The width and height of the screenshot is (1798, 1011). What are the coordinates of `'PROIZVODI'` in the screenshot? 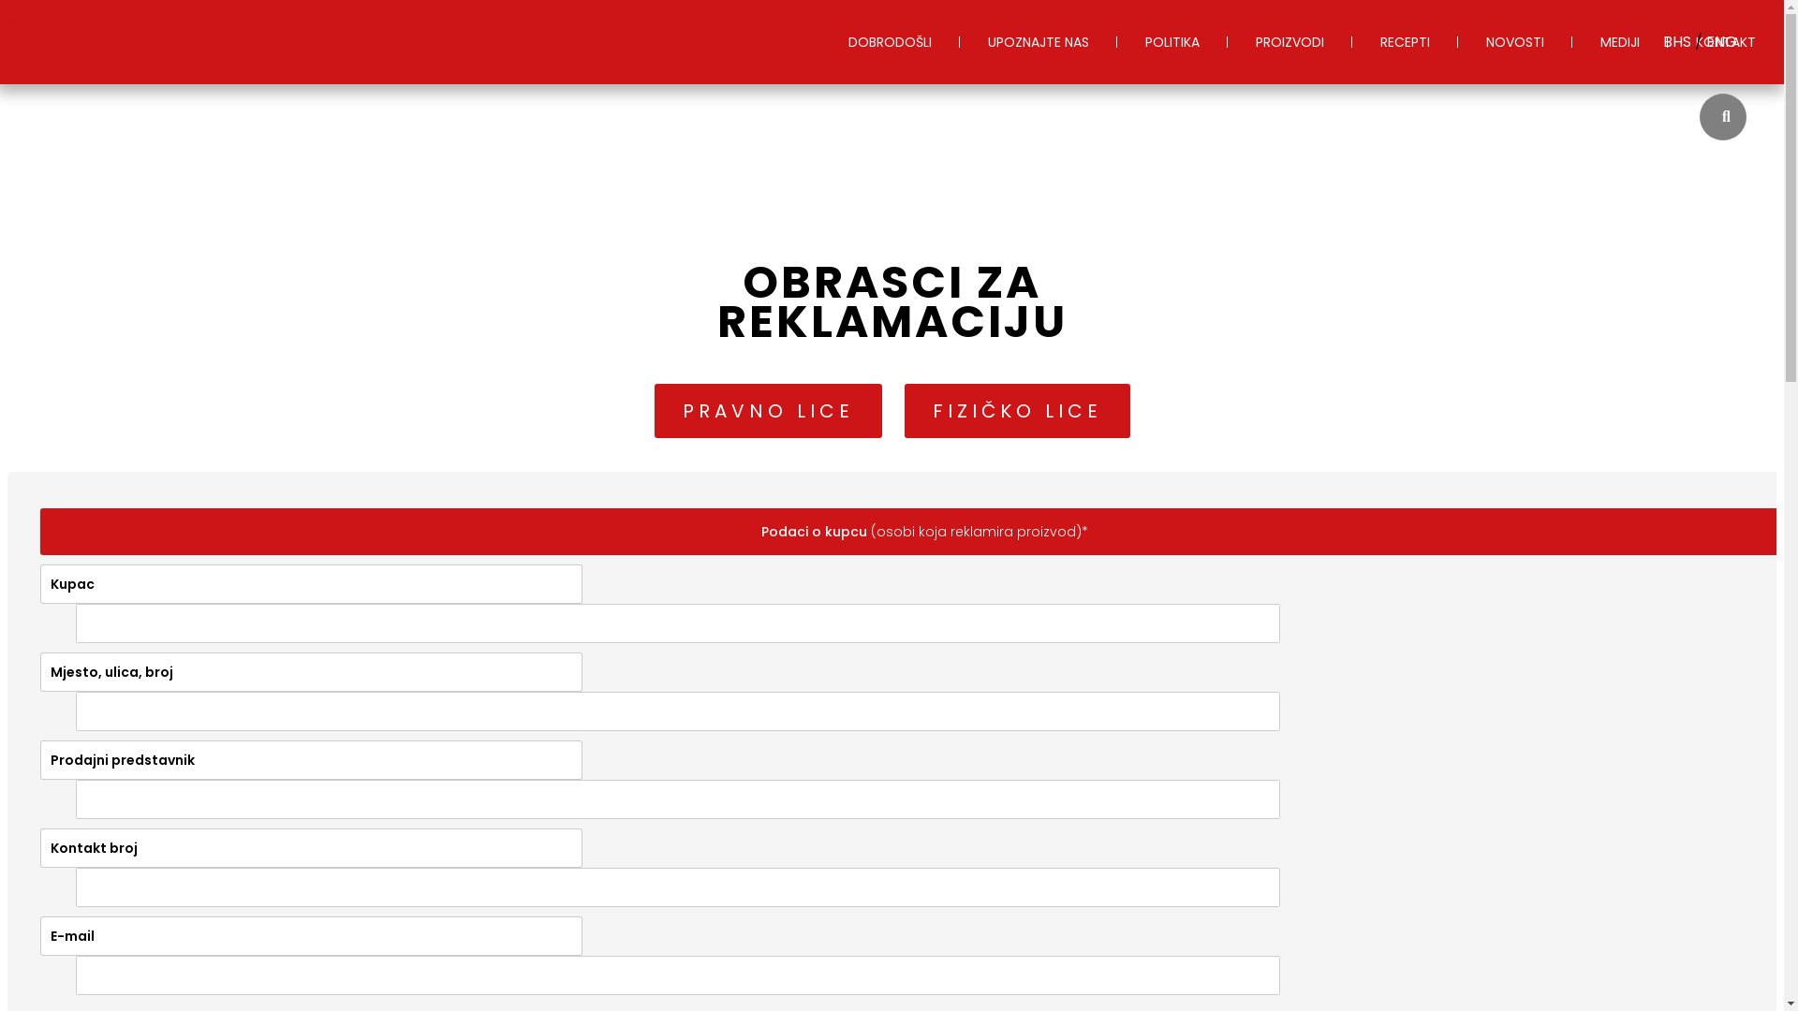 It's located at (1289, 42).